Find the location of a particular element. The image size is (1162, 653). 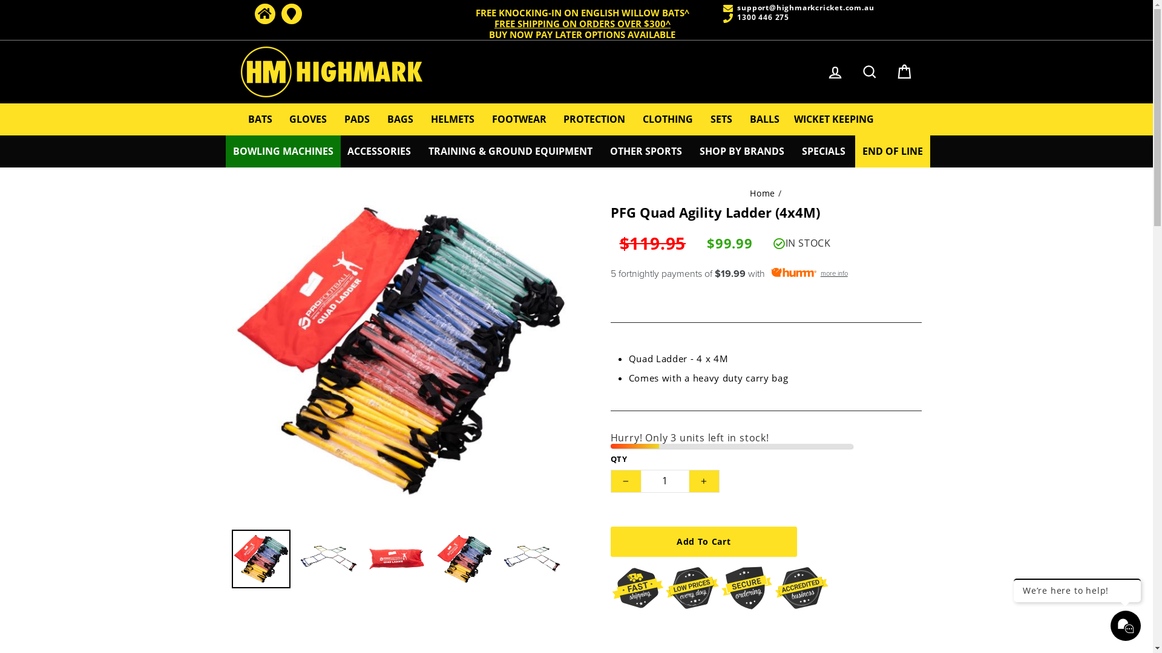

'Contact Us' is located at coordinates (290, 14).